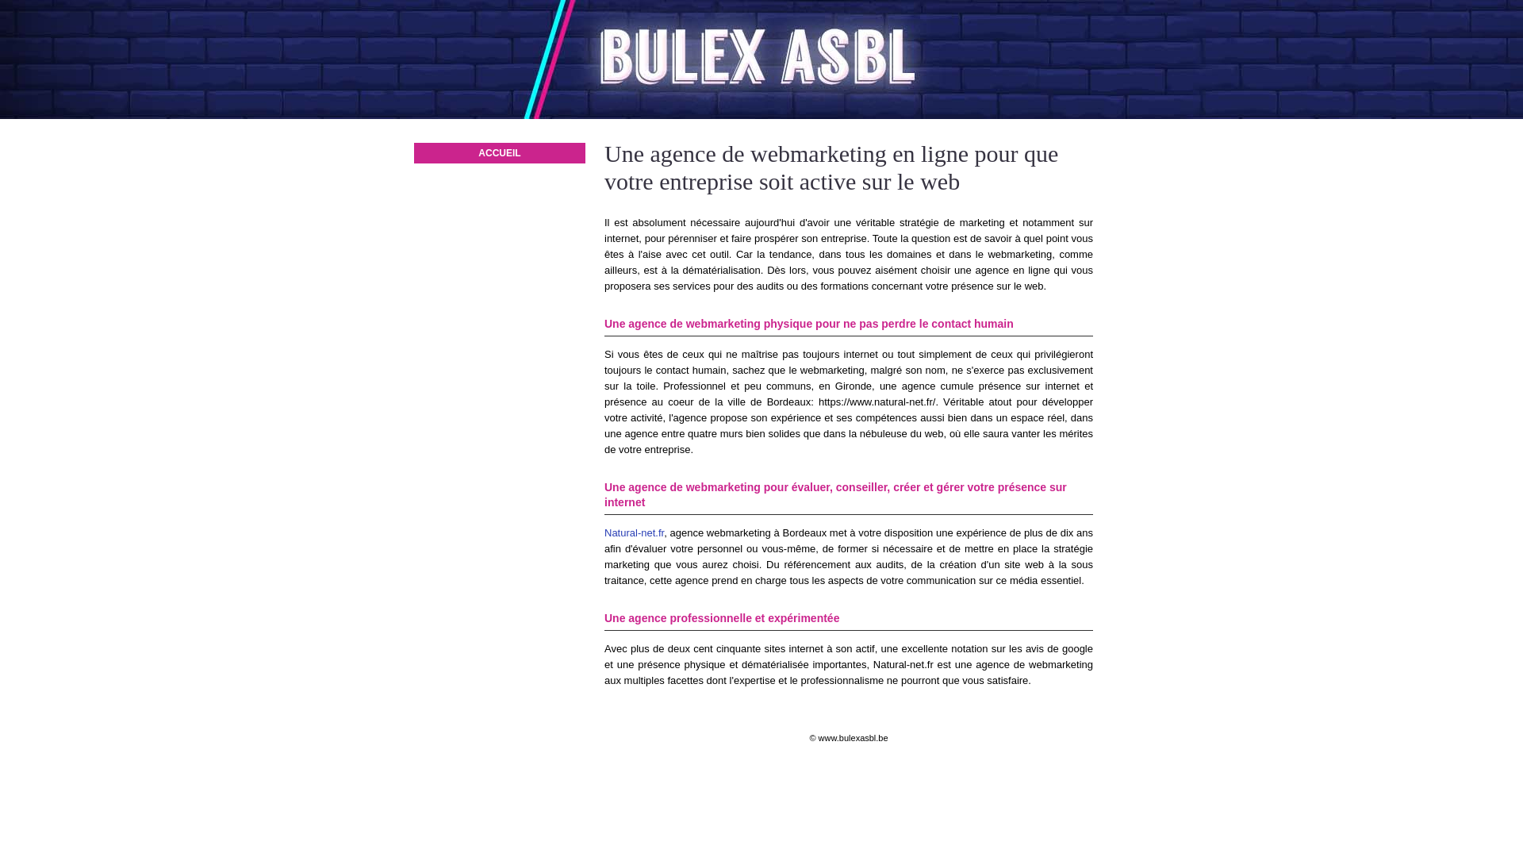 The width and height of the screenshot is (1523, 857). I want to click on 'ACCUEIL', so click(498, 152).